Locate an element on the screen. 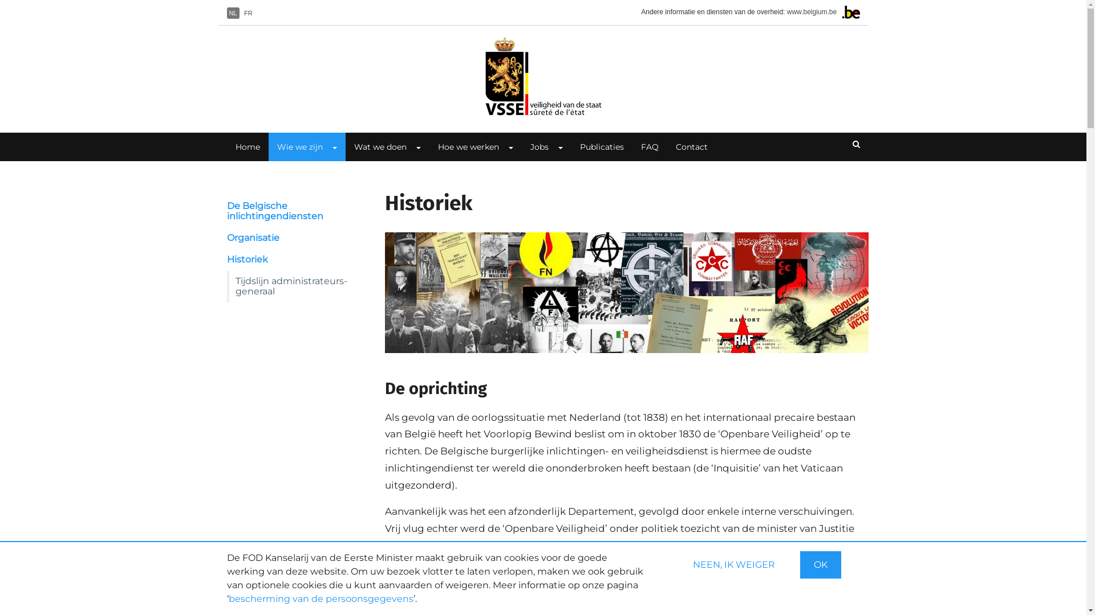 The height and width of the screenshot is (615, 1095). 'Open Wat we doen Submenu' is located at coordinates (405, 146).